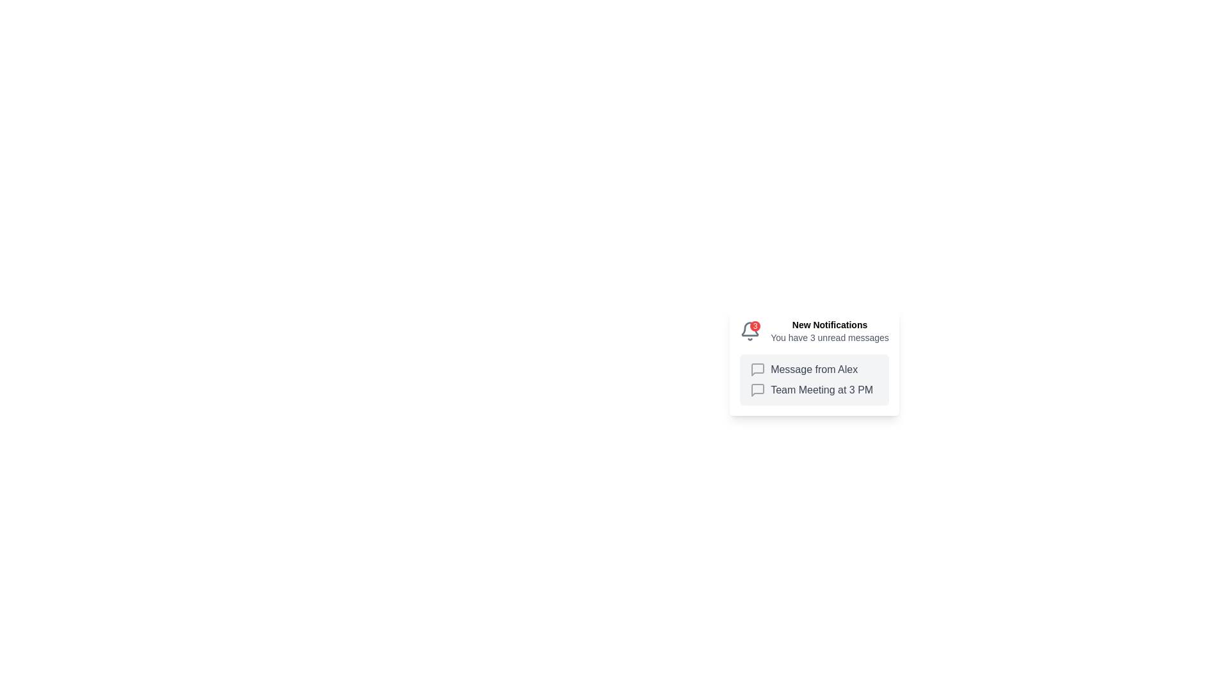 The image size is (1229, 691). I want to click on the speech bubble icon representing a message or note in the notification panel, located above the text 'Message from Alex' and to the left of the label in the notification card, so click(758, 370).